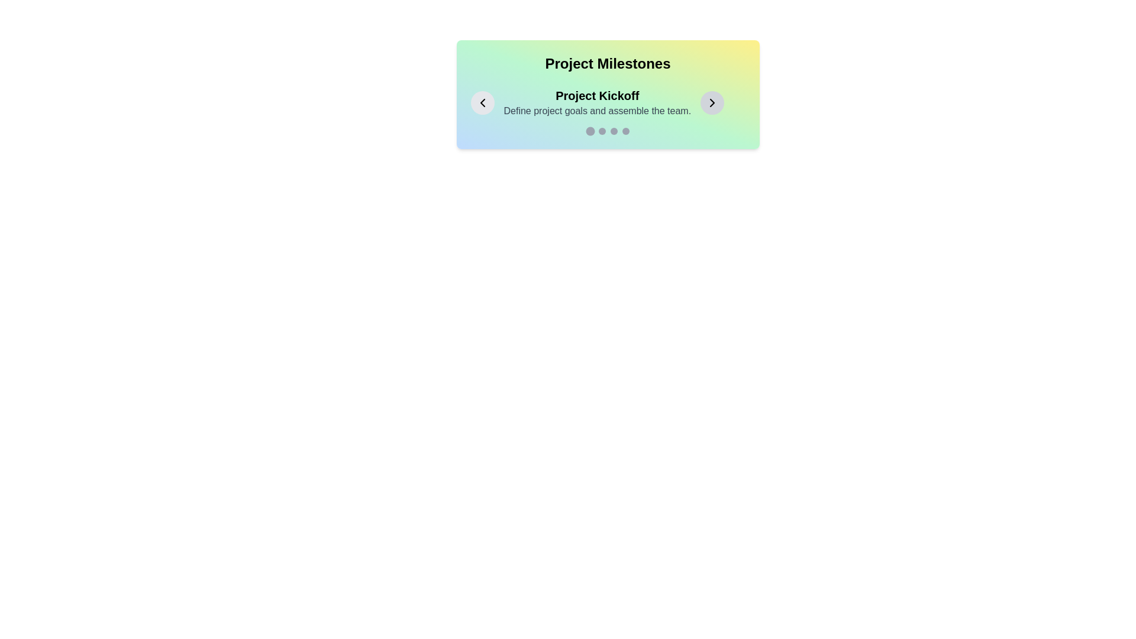  What do you see at coordinates (482, 102) in the screenshot?
I see `the navigation button icon located on the left side of the 'Project Milestones' component` at bounding box center [482, 102].